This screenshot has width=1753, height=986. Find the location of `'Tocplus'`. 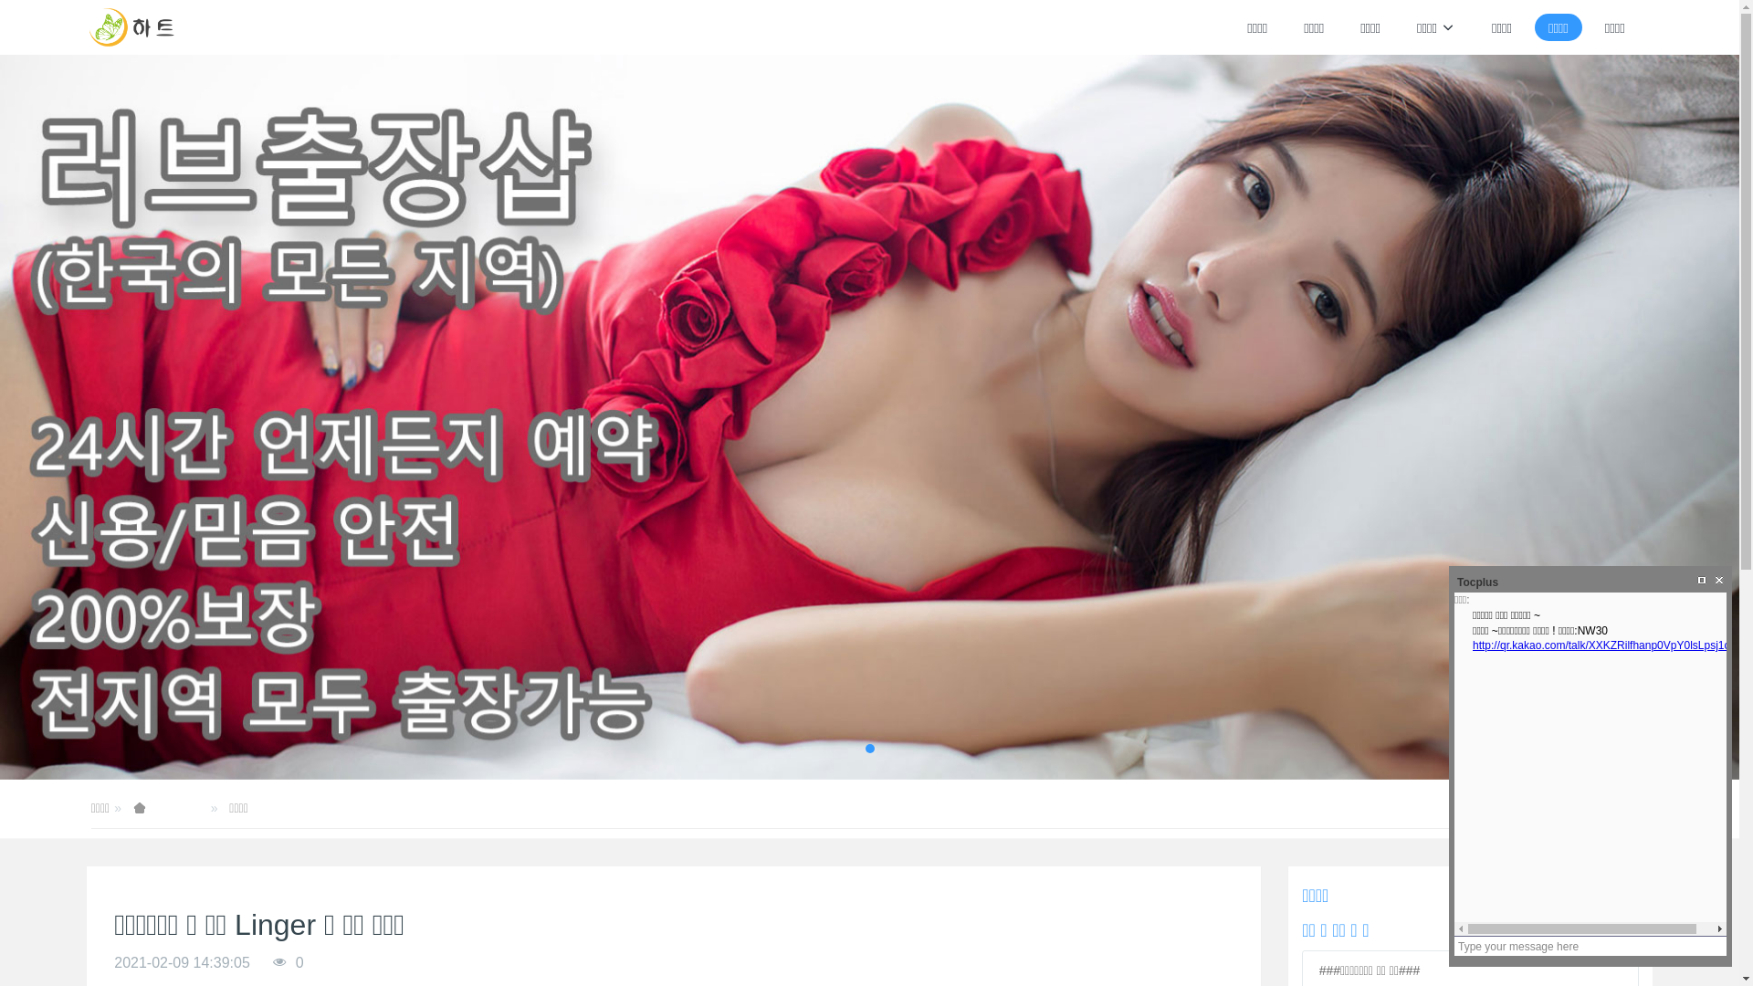

'Tocplus' is located at coordinates (1453, 582).